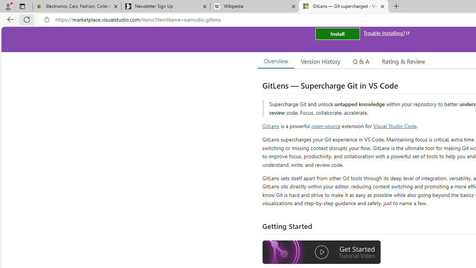 The image size is (476, 268). I want to click on 'Wikipedia', so click(254, 6).